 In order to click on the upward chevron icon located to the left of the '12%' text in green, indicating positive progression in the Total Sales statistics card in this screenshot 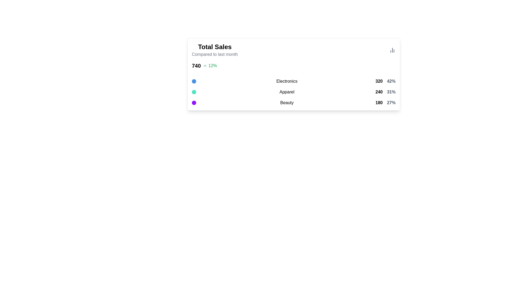, I will do `click(205, 66)`.